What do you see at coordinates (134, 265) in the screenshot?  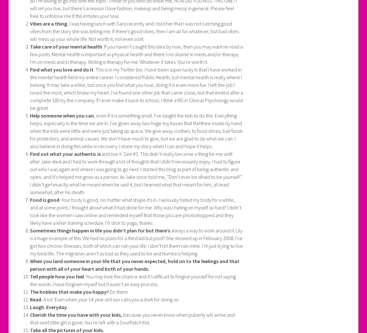 I see `'When you land someone in your life that you never expected, hold on to the feelings and that person with all of your heart and both of your hands.'` at bounding box center [134, 265].